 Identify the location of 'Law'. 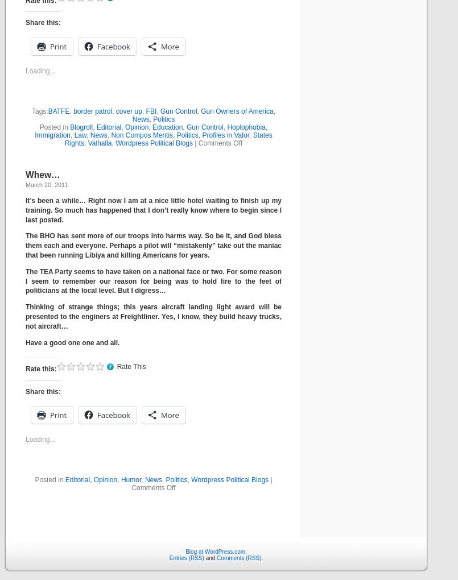
(80, 135).